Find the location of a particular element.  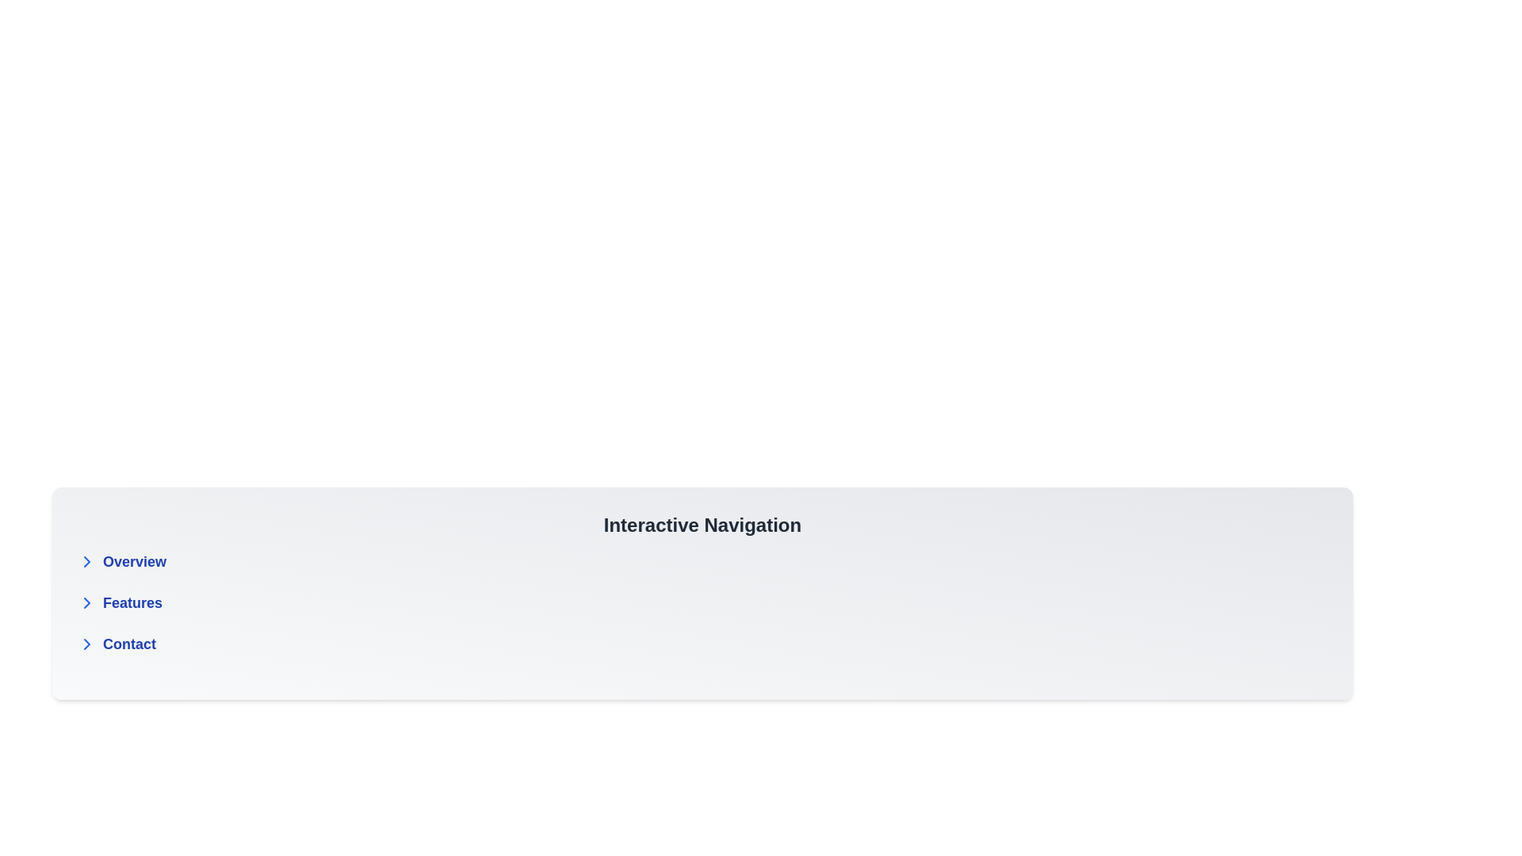

the right-pointing chevron icon located to the left of the 'Overview' text is located at coordinates (86, 561).